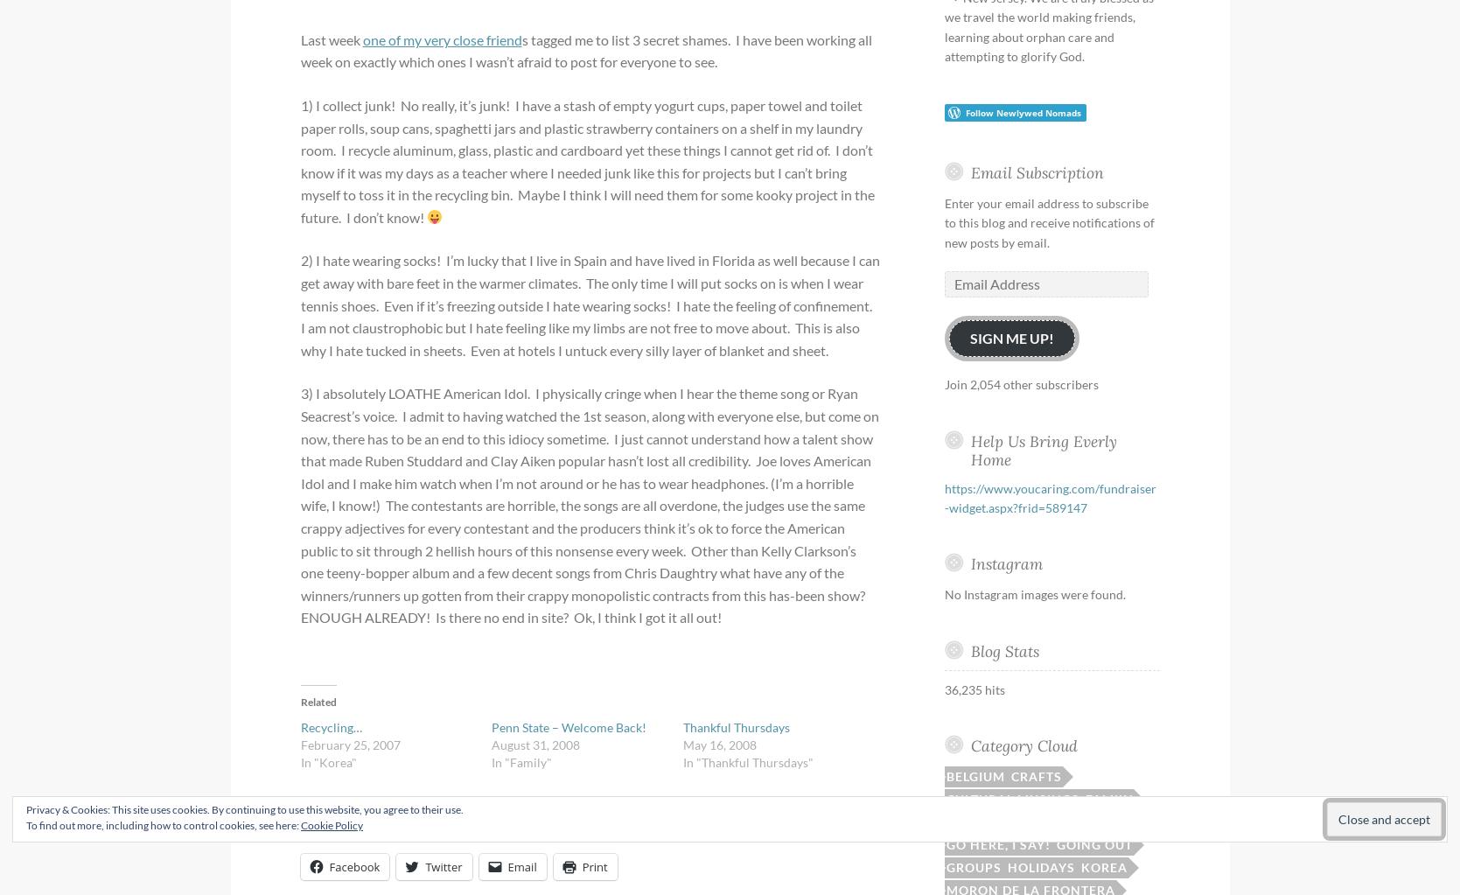 The image size is (1460, 895). Describe the element at coordinates (1035, 171) in the screenshot. I see `'Email Subscription'` at that location.